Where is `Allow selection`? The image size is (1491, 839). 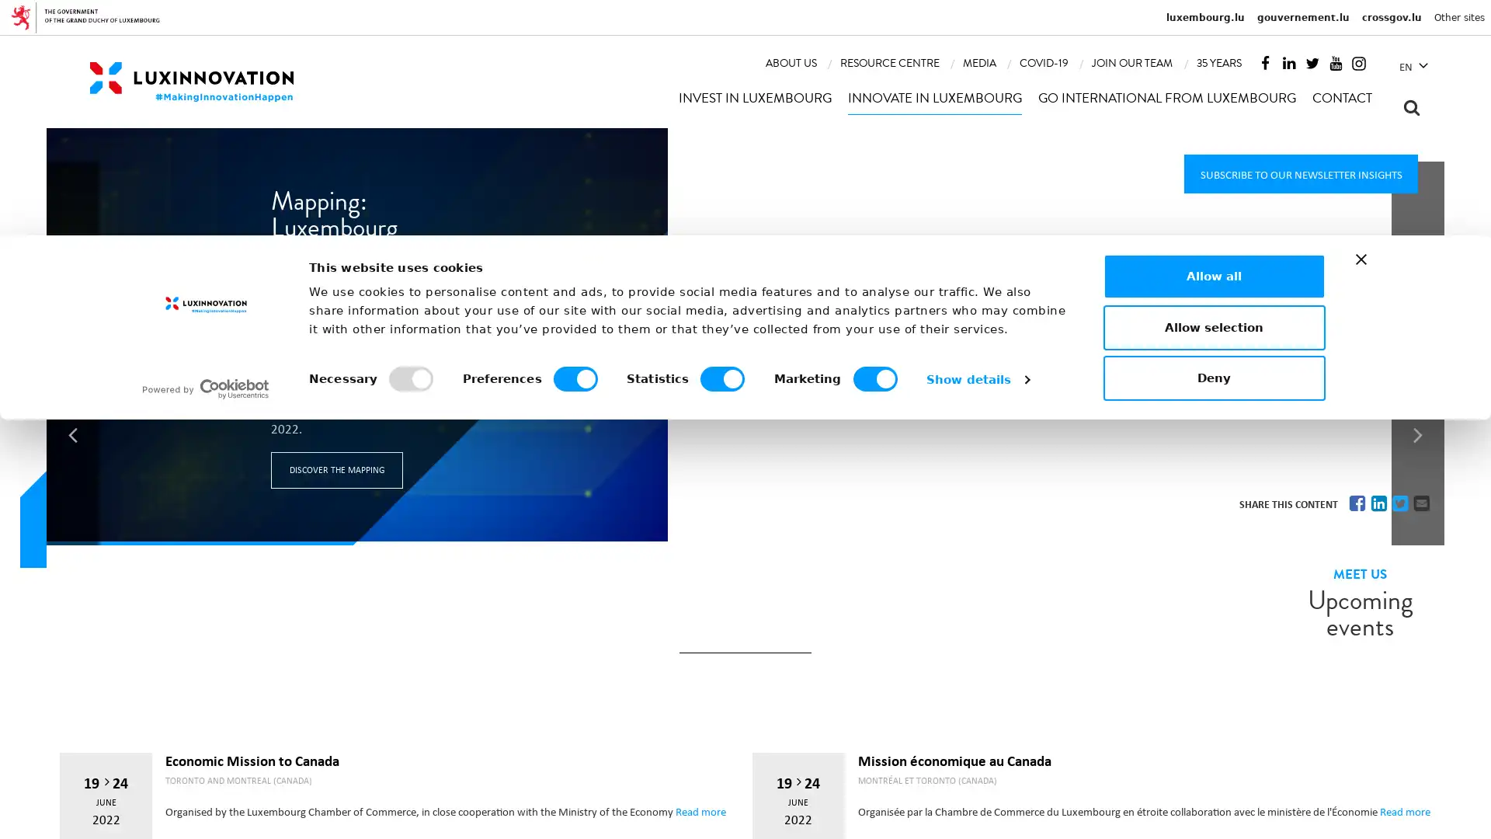 Allow selection is located at coordinates (1213, 745).